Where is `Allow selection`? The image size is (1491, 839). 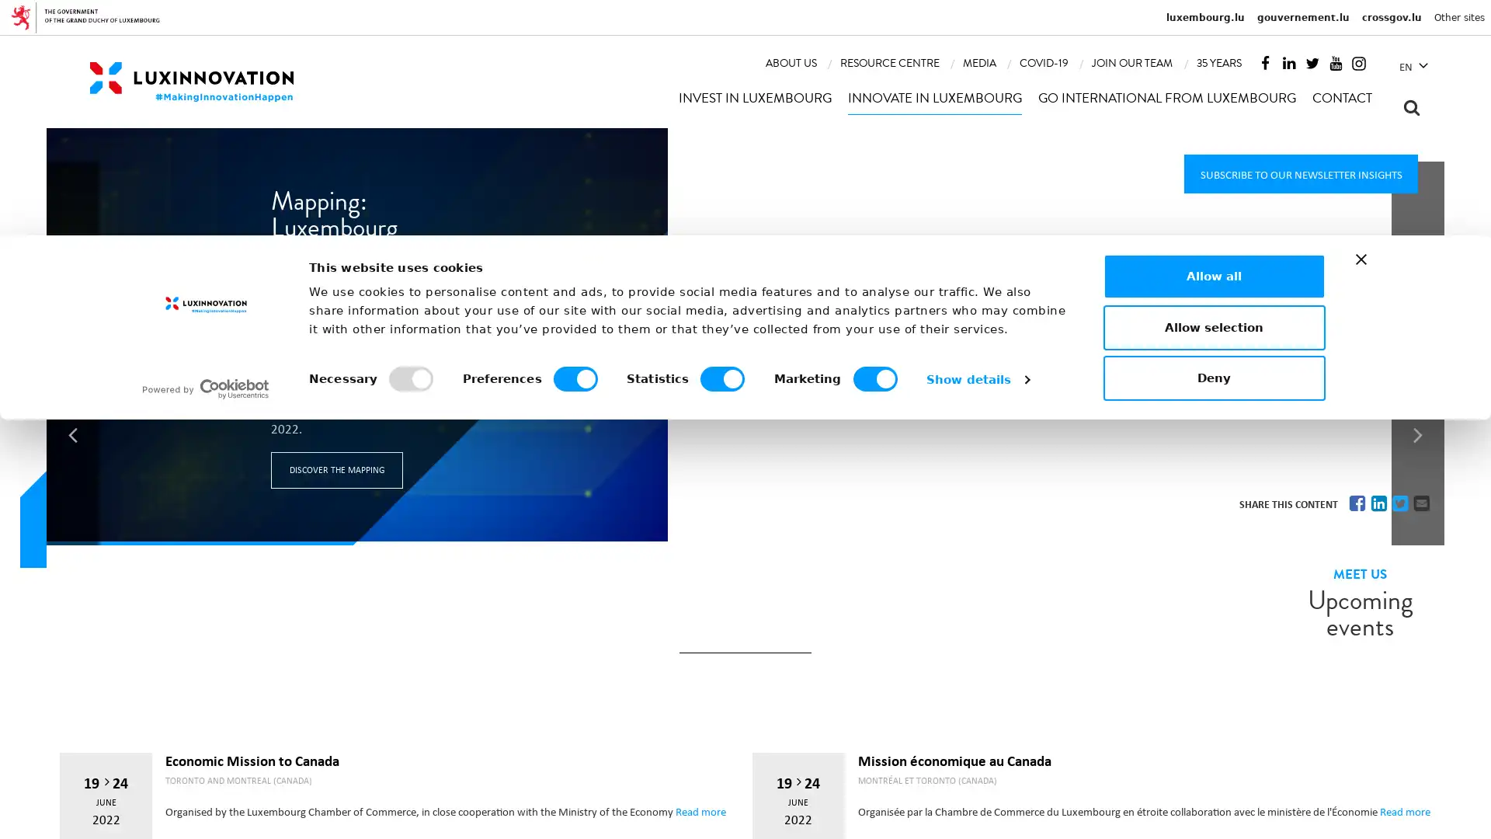 Allow selection is located at coordinates (1213, 745).